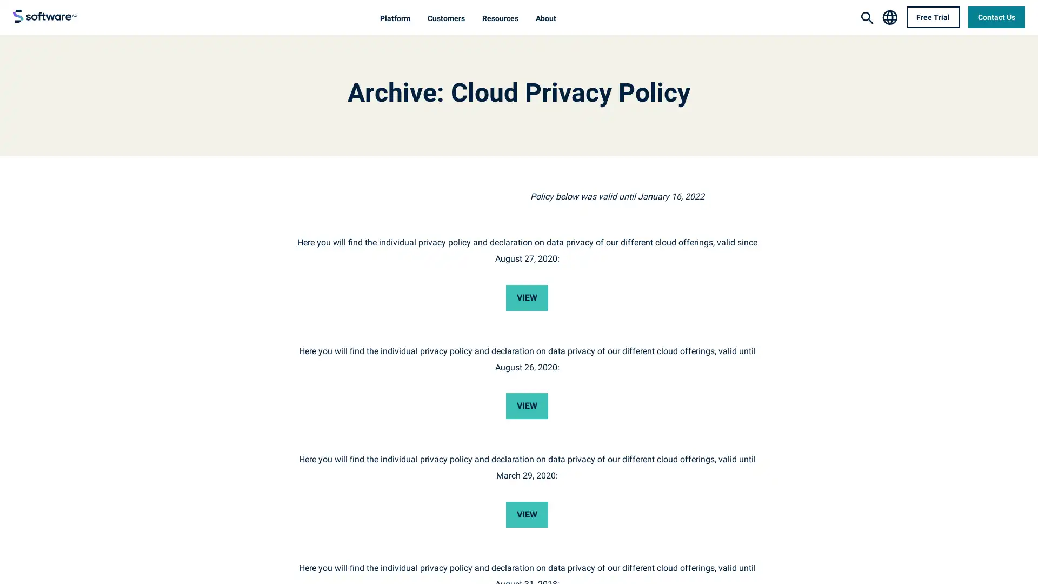 This screenshot has width=1038, height=584. I want to click on International, so click(889, 16).